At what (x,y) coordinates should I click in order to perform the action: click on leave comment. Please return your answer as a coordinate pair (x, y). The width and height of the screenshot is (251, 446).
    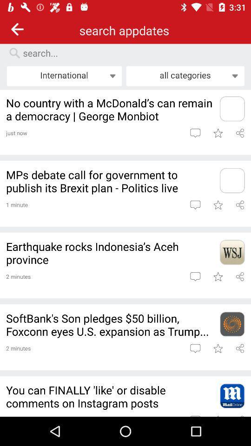
    Looking at the image, I should click on (195, 276).